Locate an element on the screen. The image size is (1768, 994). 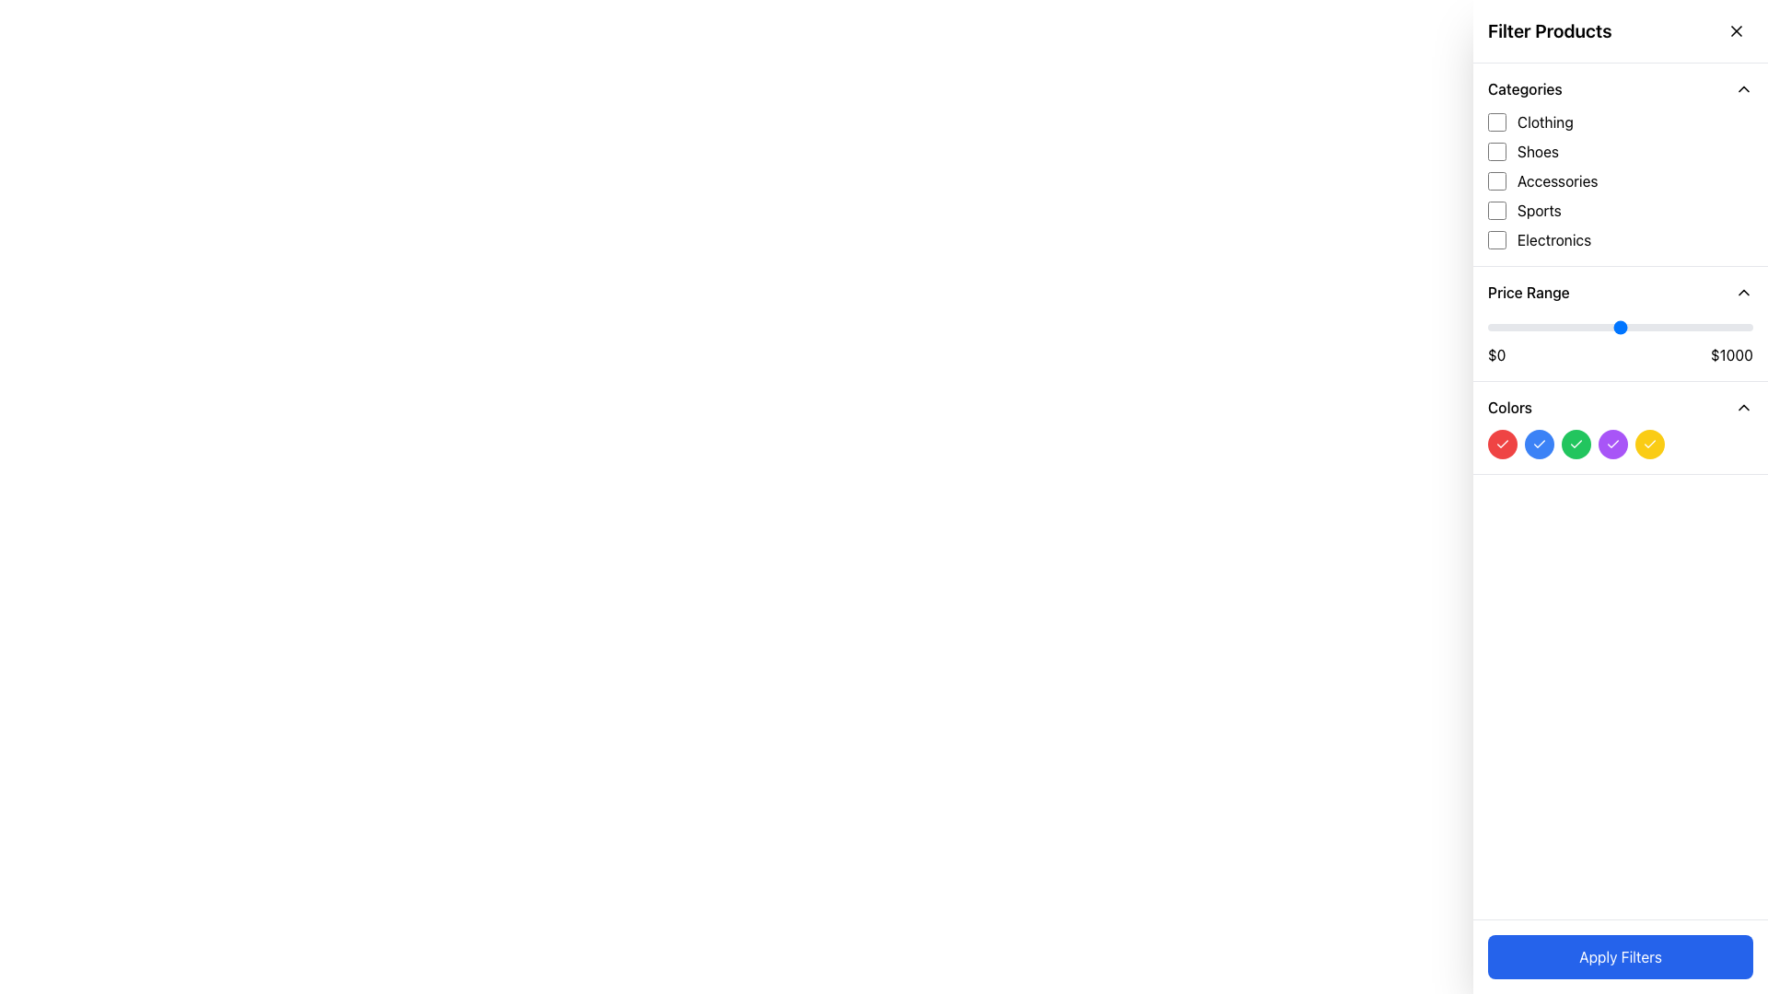
the circular blue button with a white checkmark icon, which is the third button in the 'Colors' group is located at coordinates (1539, 444).